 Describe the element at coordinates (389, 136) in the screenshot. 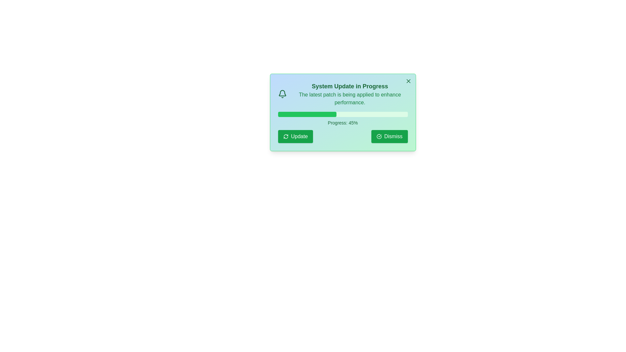

I see `the dismiss button to close the alert` at that location.